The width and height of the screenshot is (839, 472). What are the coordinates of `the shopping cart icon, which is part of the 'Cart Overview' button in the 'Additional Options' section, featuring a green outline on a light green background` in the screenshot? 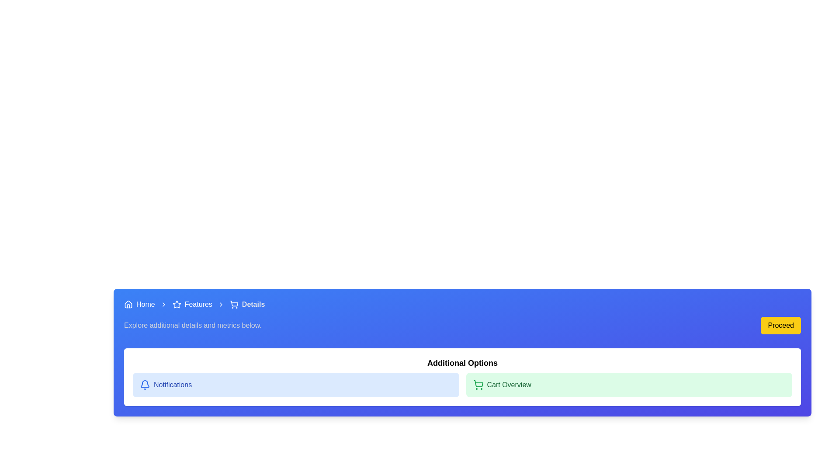 It's located at (478, 383).